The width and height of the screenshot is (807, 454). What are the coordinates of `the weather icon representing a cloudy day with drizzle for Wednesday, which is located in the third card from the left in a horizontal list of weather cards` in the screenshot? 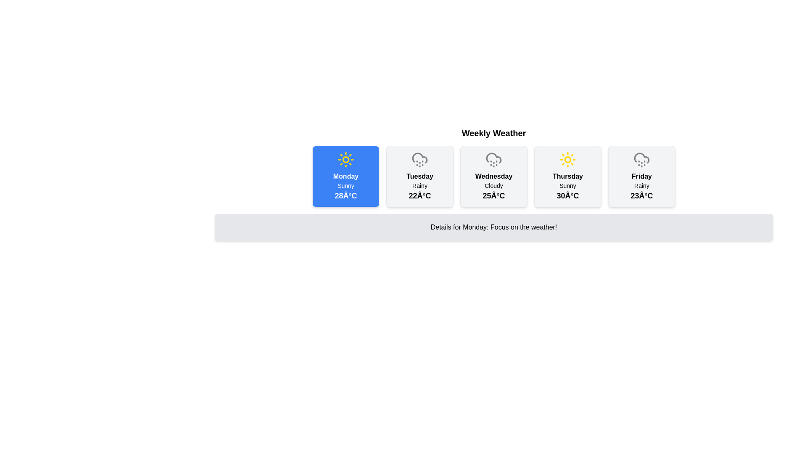 It's located at (494, 160).